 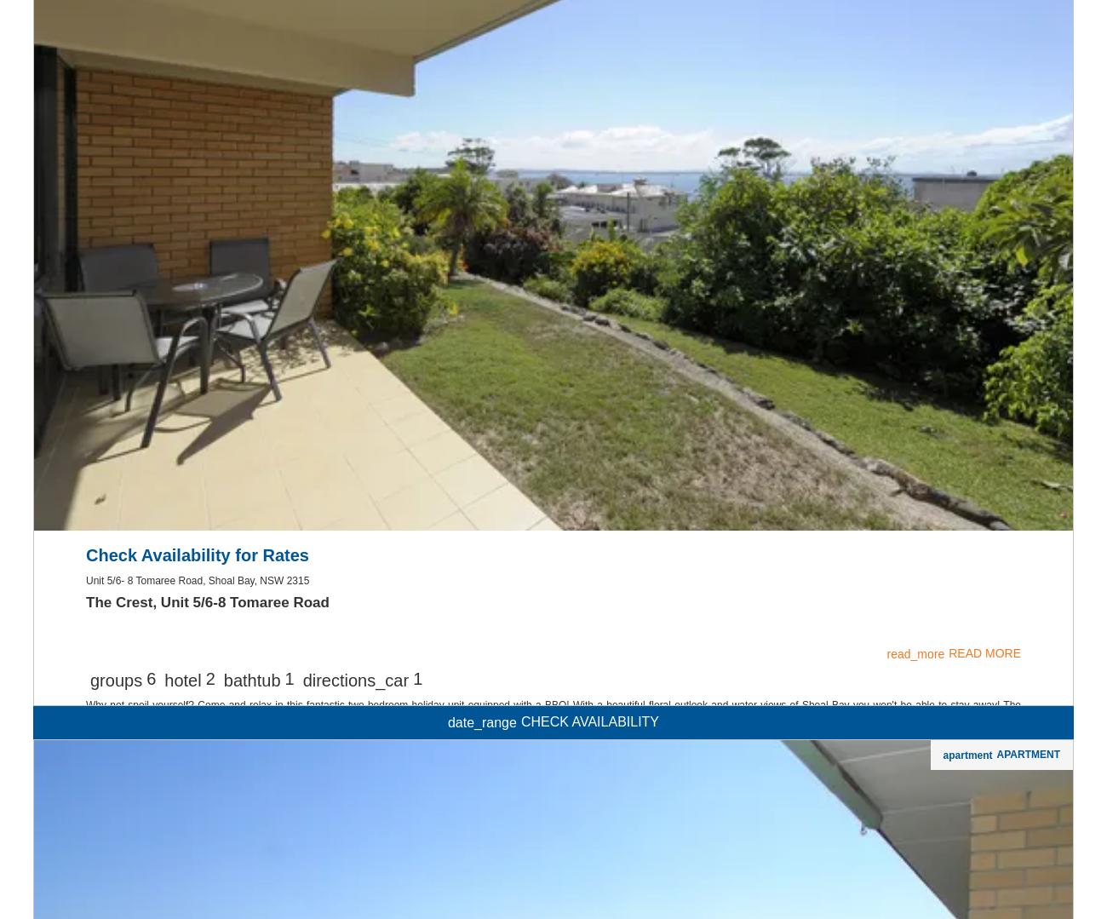 I want to click on 'No Pets', so click(x=553, y=289).